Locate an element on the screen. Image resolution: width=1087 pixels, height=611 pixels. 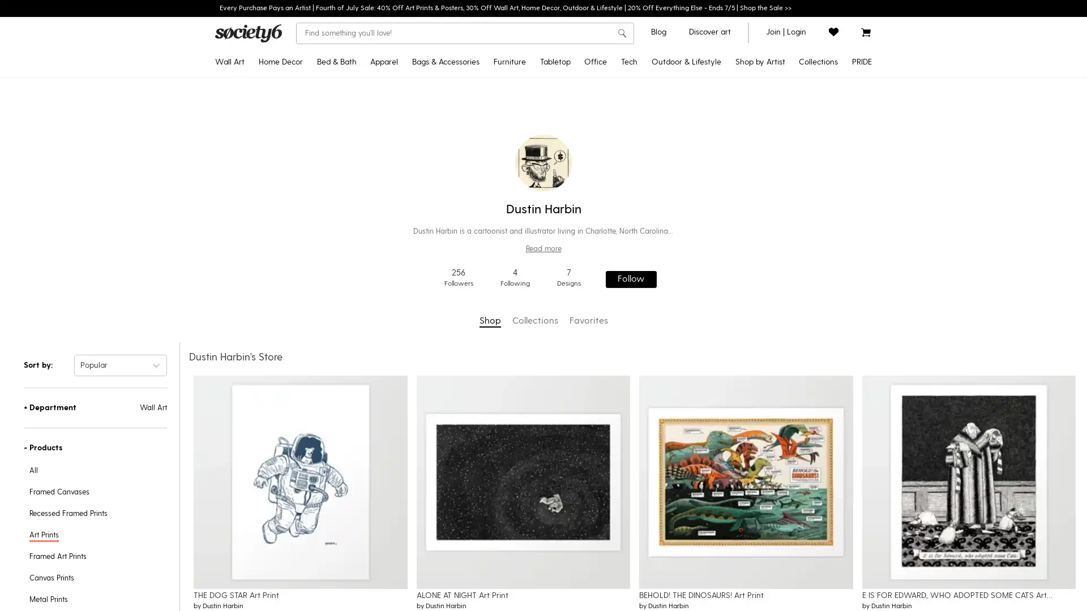
Wall Clocks is located at coordinates (302, 218).